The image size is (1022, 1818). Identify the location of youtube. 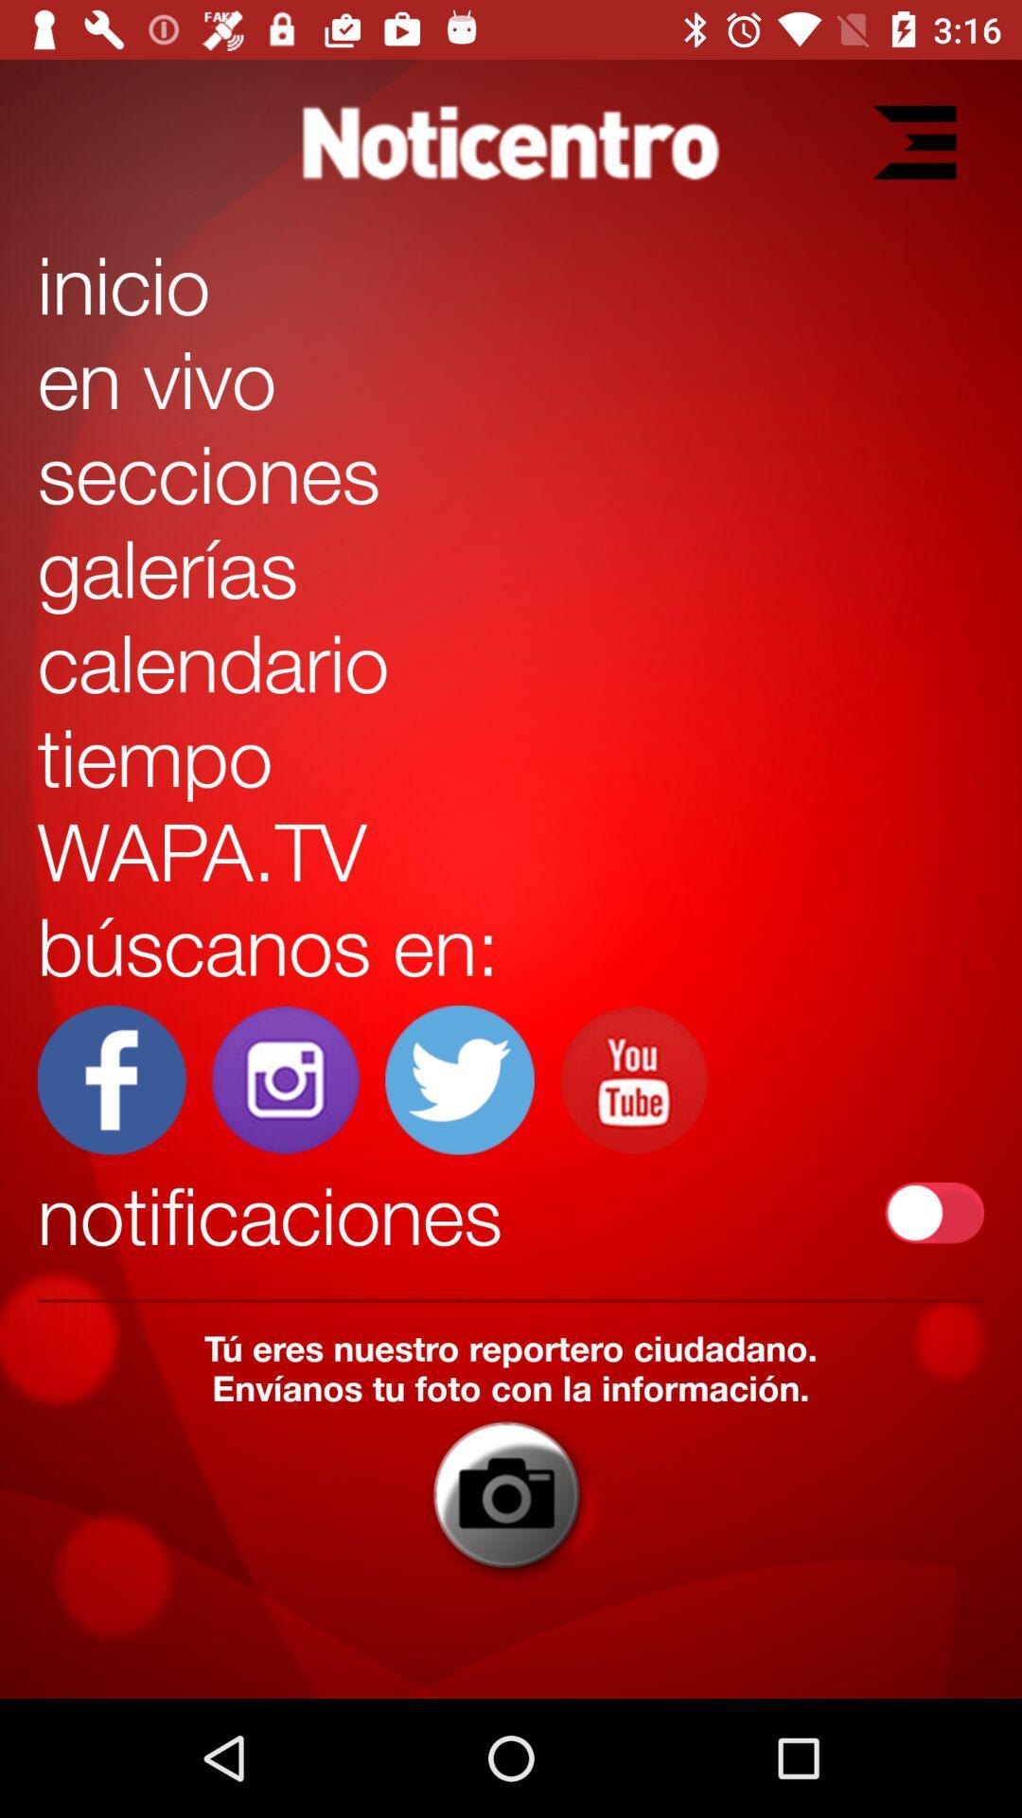
(633, 1079).